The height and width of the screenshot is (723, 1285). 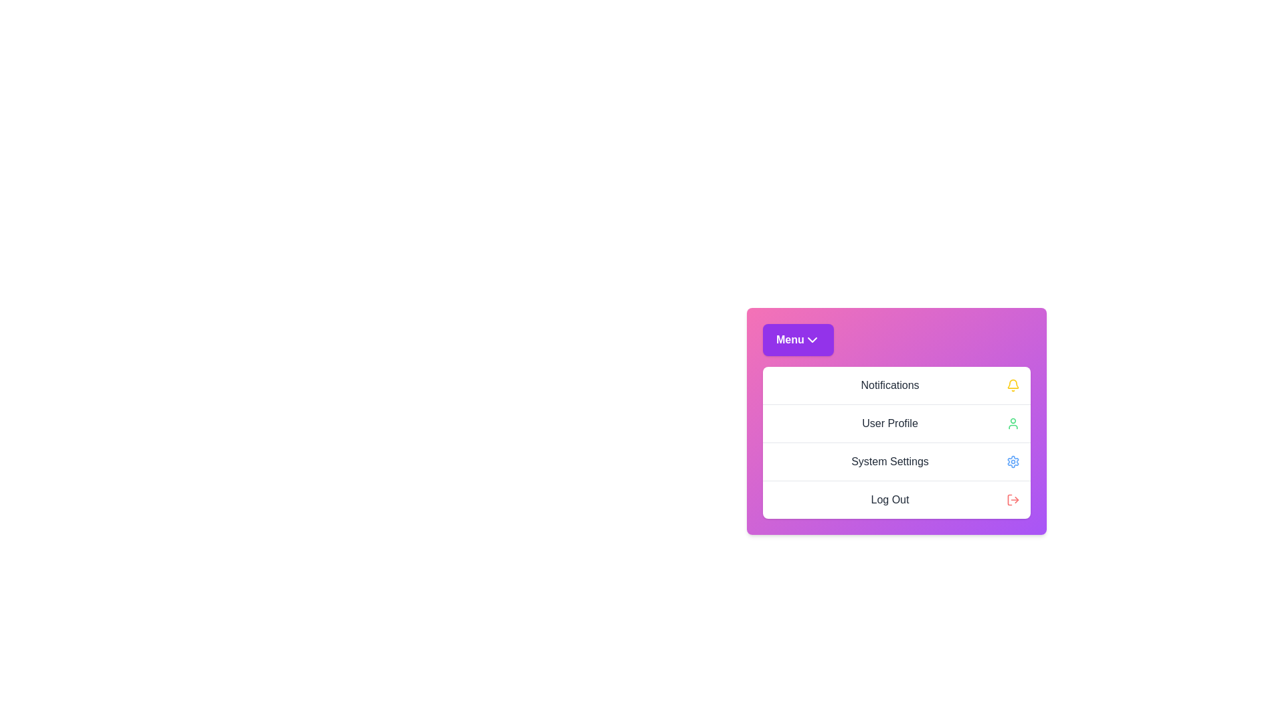 What do you see at coordinates (896, 461) in the screenshot?
I see `the 'System Settings' option in the menu` at bounding box center [896, 461].